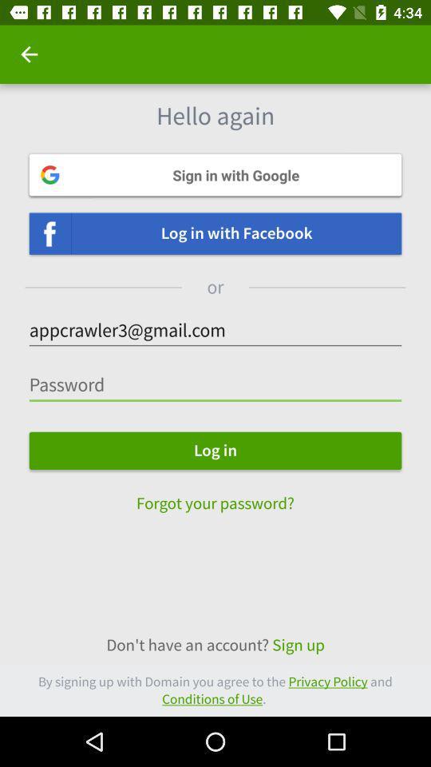 The width and height of the screenshot is (431, 767). Describe the element at coordinates (215, 384) in the screenshot. I see `type the password` at that location.